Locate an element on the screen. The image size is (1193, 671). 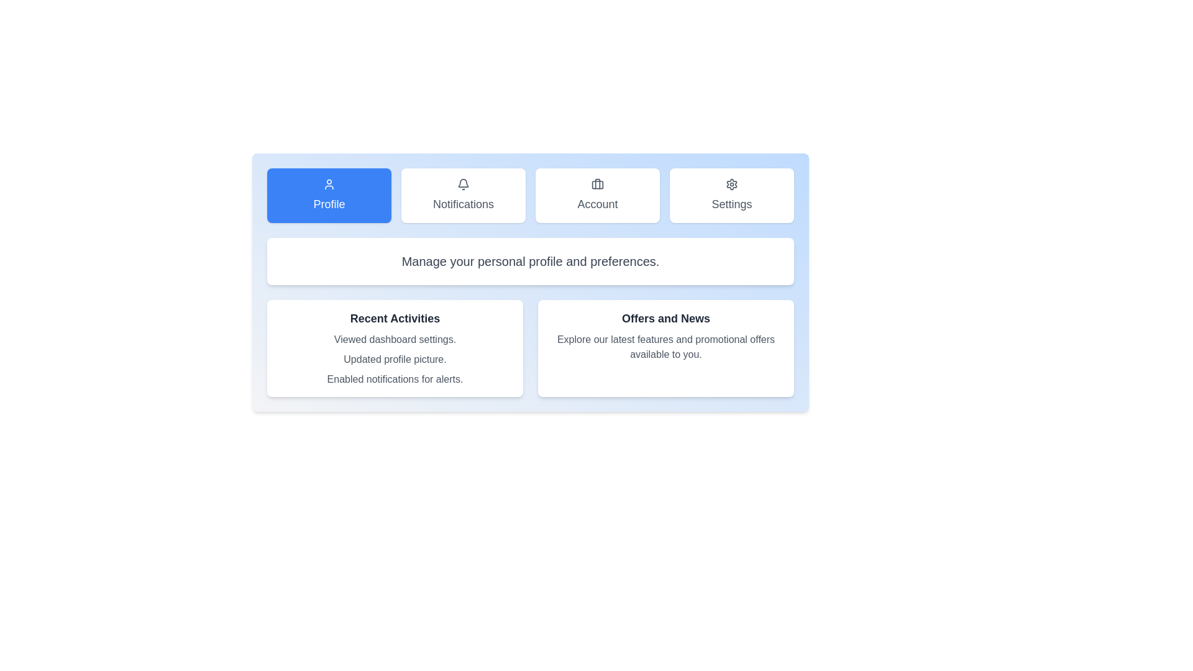
the static text element that displays 'Viewed dashboard settings.' located in the 'Recent Activities' section is located at coordinates (394, 340).